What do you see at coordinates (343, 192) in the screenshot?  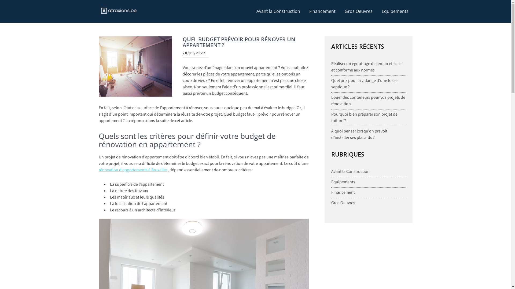 I see `'Financement'` at bounding box center [343, 192].